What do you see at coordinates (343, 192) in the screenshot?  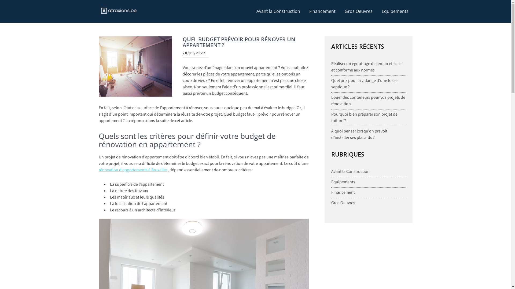 I see `'Financement'` at bounding box center [343, 192].